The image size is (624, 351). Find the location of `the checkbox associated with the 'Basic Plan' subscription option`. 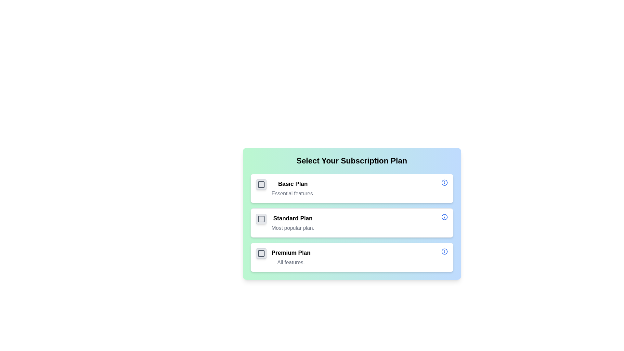

the checkbox associated with the 'Basic Plan' subscription option is located at coordinates (351, 188).